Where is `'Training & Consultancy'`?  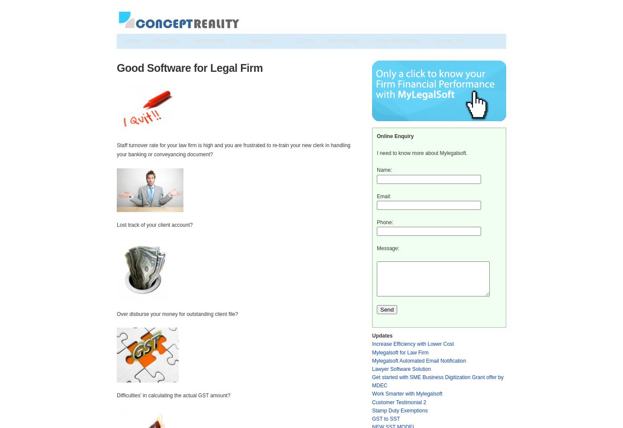 'Training & Consultancy' is located at coordinates (150, 58).